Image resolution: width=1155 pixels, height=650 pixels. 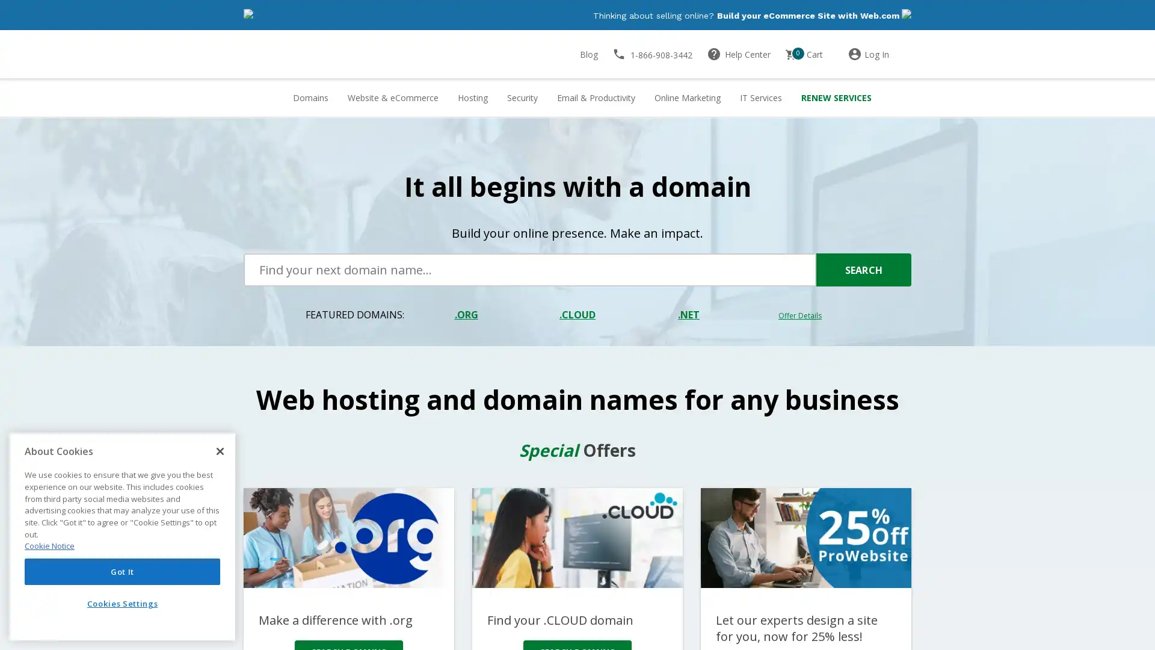 I want to click on Got It, so click(x=122, y=571).